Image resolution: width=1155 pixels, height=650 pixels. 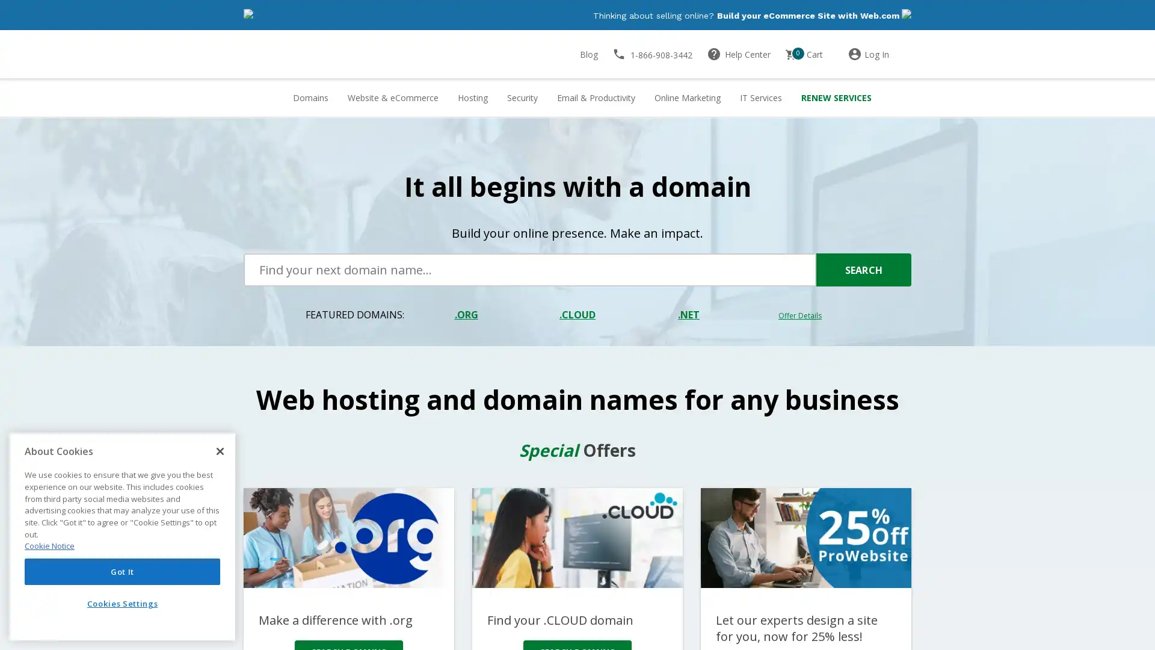 I want to click on Got It, so click(x=122, y=571).